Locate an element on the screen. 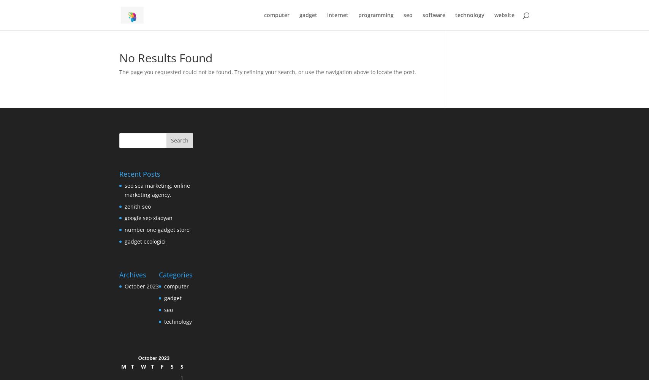  'internet' is located at coordinates (338, 15).